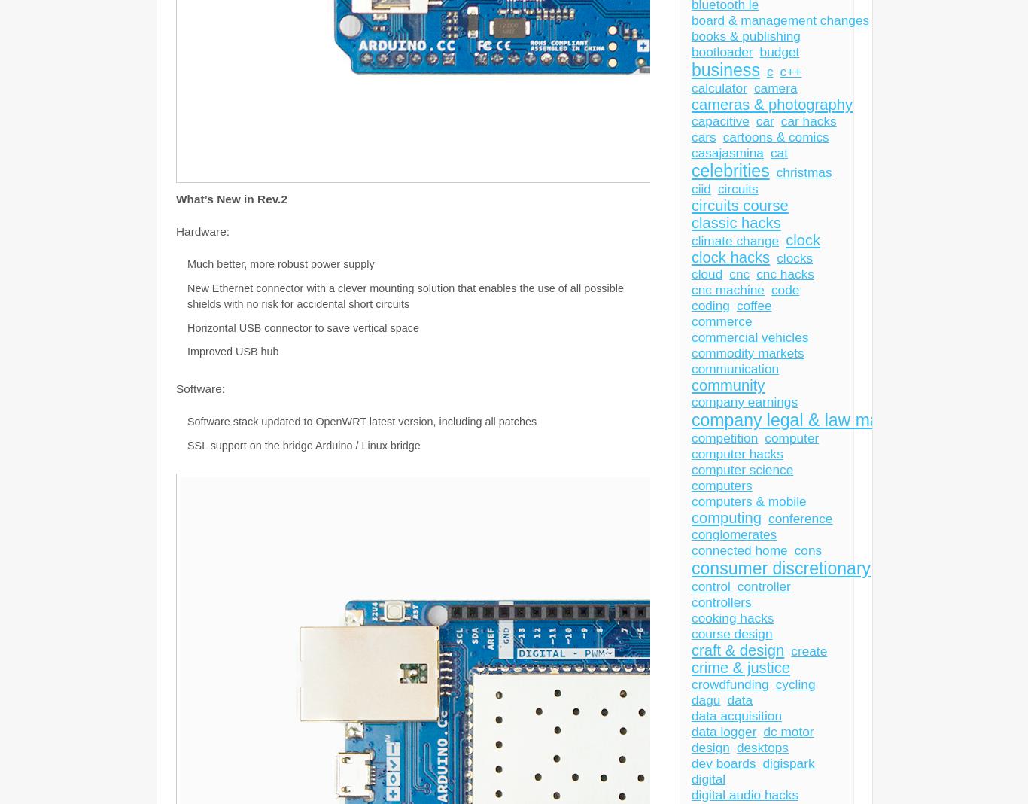 The height and width of the screenshot is (804, 1028). I want to click on 'budget', so click(759, 50).